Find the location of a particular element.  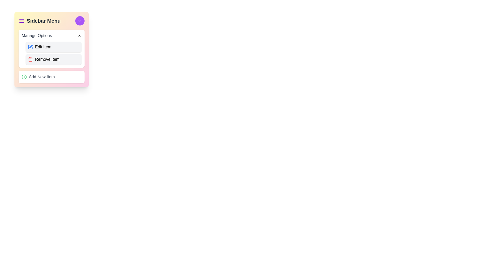

the toggle button located in the upper-right corner of the 'Sidebar Menu' is located at coordinates (80, 21).